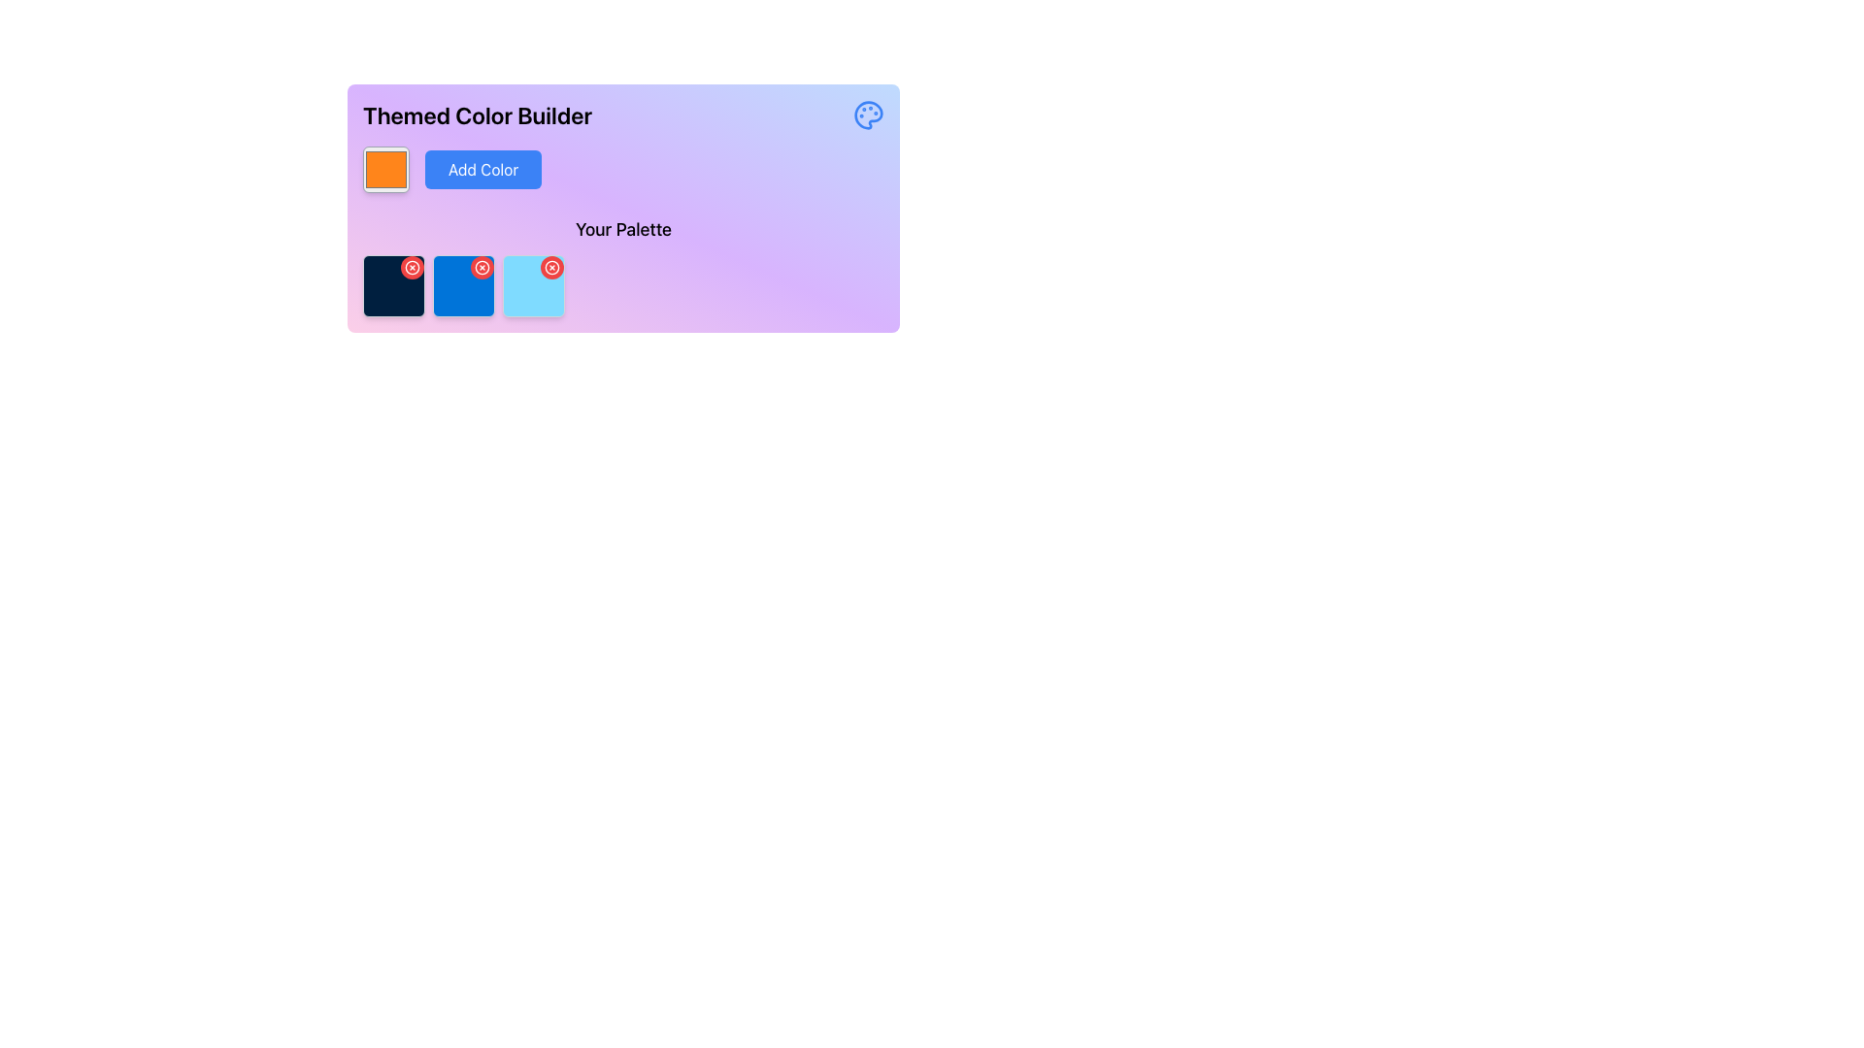 Image resolution: width=1864 pixels, height=1048 pixels. What do you see at coordinates (412, 268) in the screenshot?
I see `the delete button located at the top-right corner of the first card in the 'Your Palette' section` at bounding box center [412, 268].